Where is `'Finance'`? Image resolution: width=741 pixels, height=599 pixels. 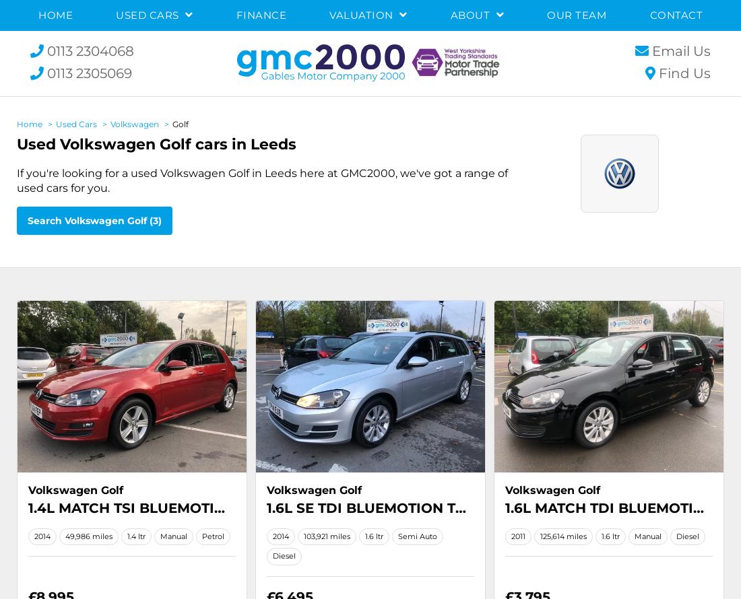
'Finance' is located at coordinates (261, 15).